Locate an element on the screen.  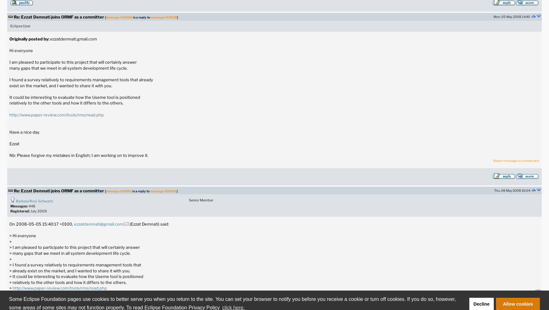
'Have a nice day' is located at coordinates (24, 131).